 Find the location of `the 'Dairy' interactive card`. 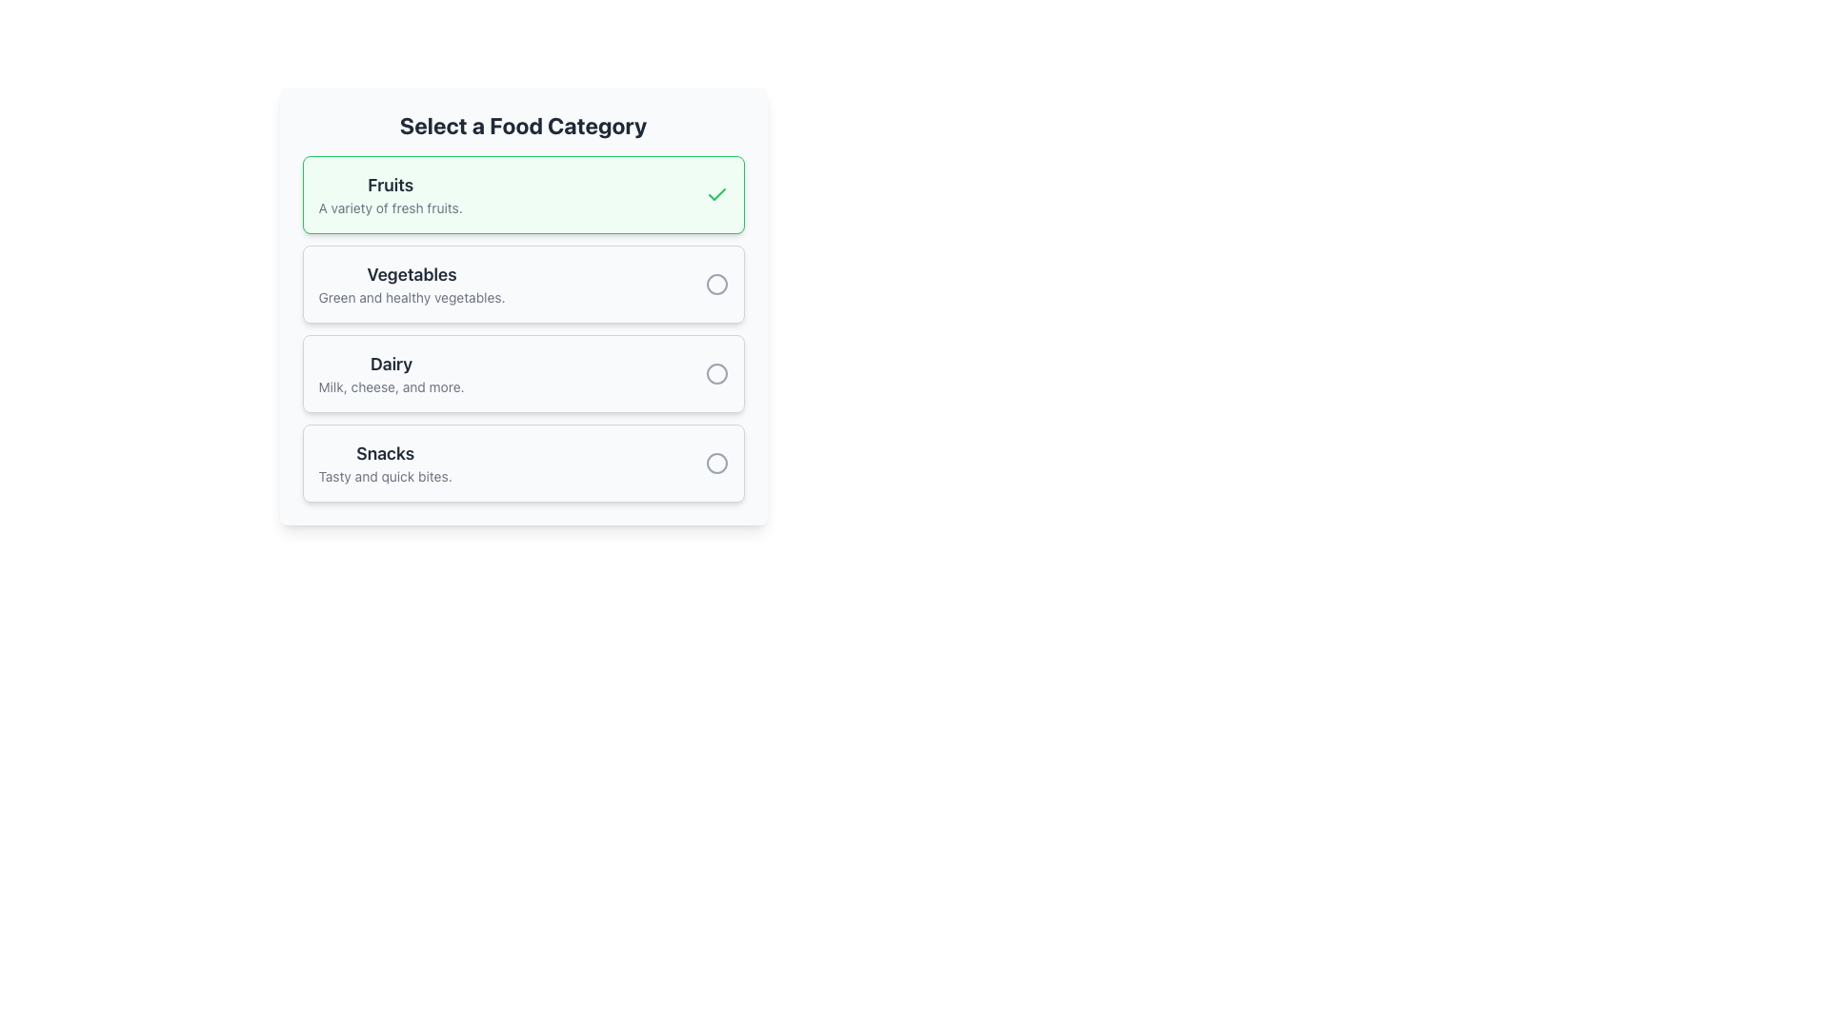

the 'Dairy' interactive card is located at coordinates (523, 374).